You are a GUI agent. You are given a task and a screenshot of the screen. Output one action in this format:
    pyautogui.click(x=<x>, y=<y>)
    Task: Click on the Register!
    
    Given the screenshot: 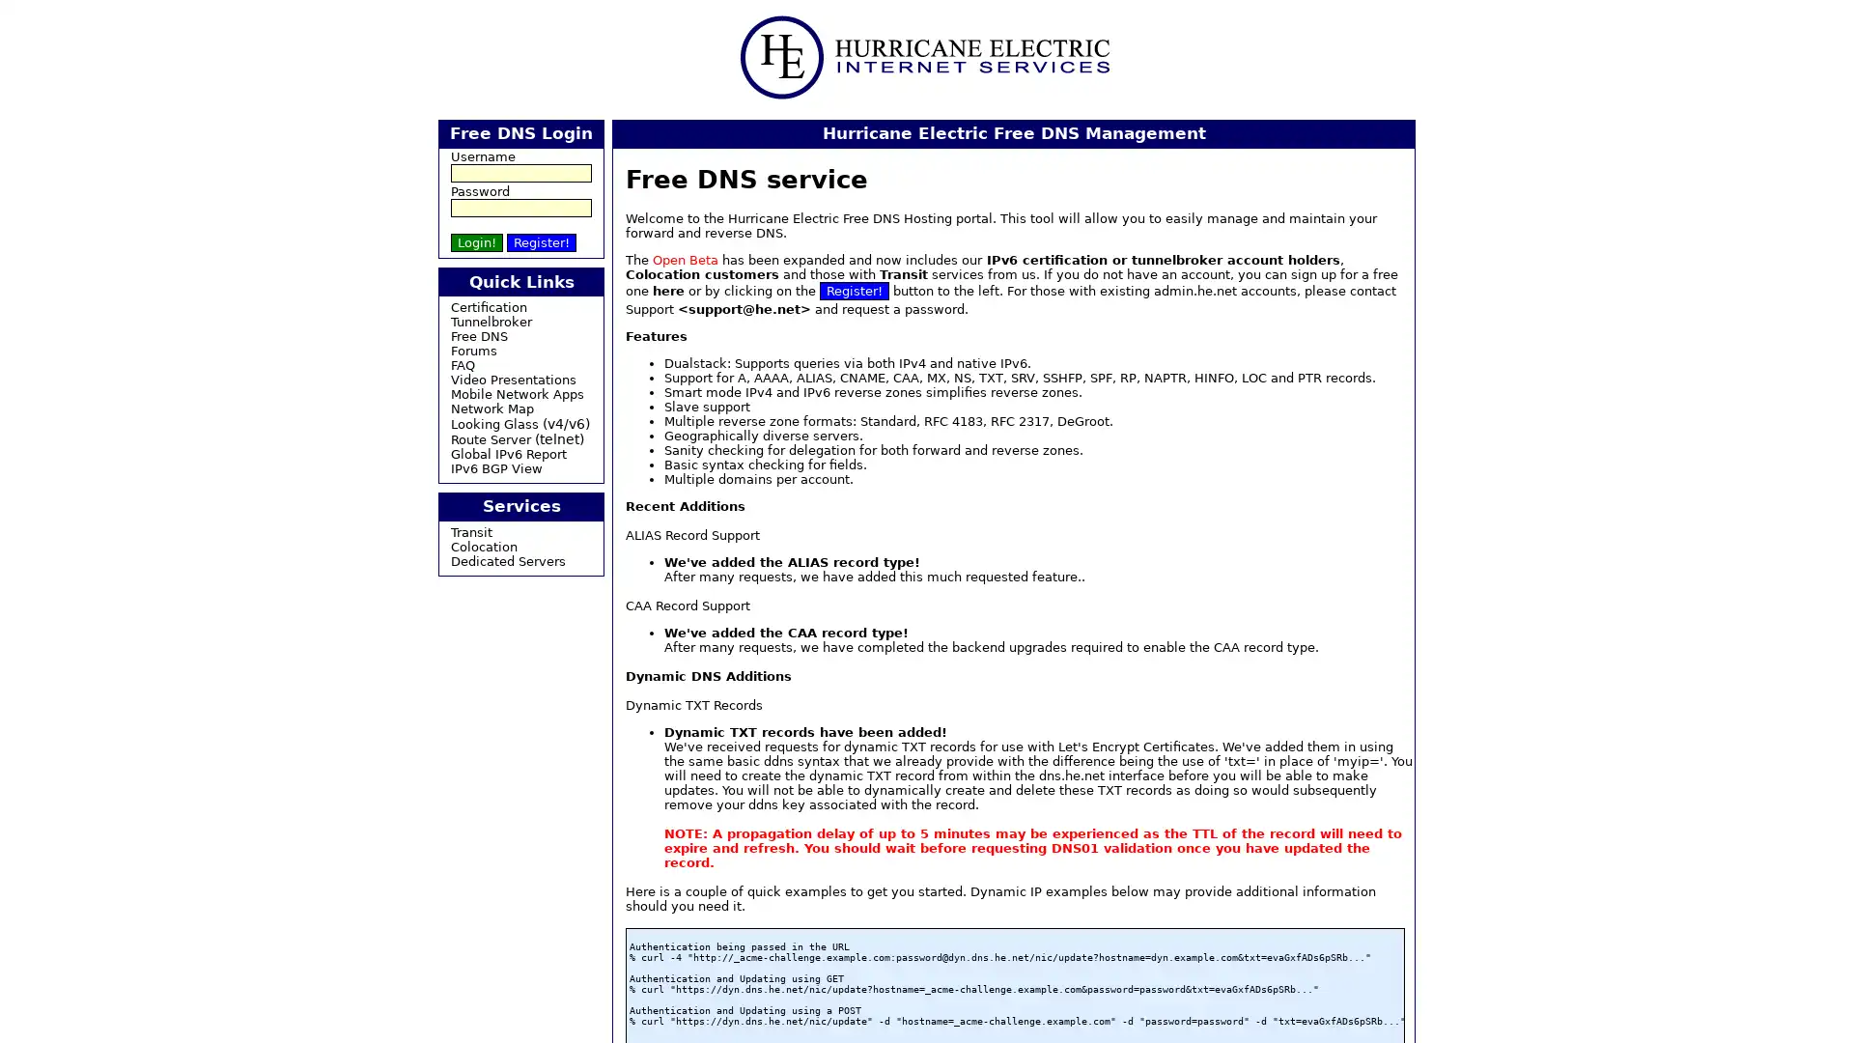 What is the action you would take?
    pyautogui.click(x=853, y=290)
    